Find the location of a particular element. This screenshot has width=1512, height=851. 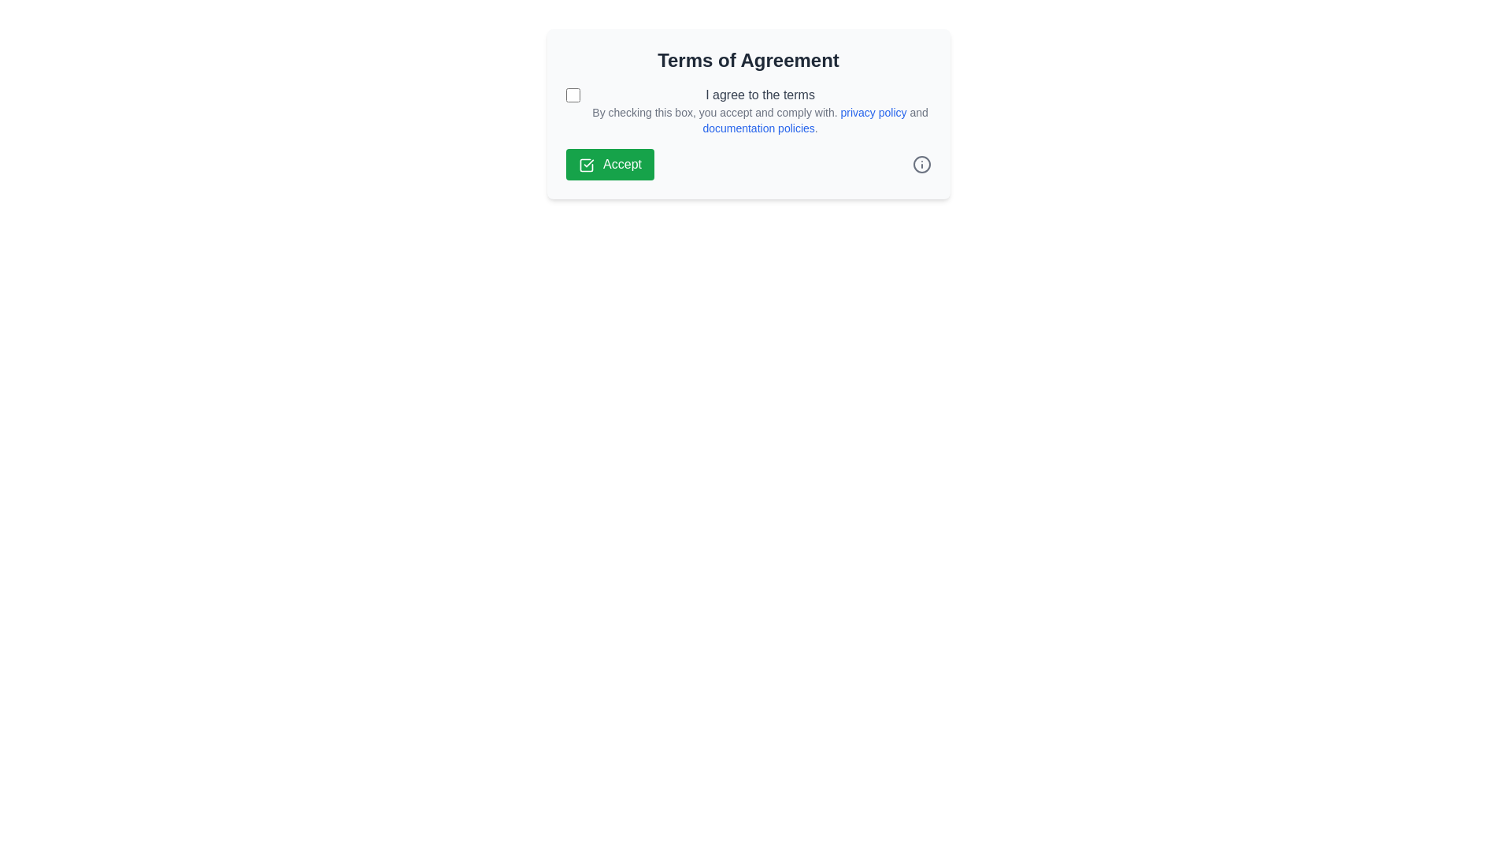

the checkbox allowing users to agree to the terms and conditions is located at coordinates (572, 95).